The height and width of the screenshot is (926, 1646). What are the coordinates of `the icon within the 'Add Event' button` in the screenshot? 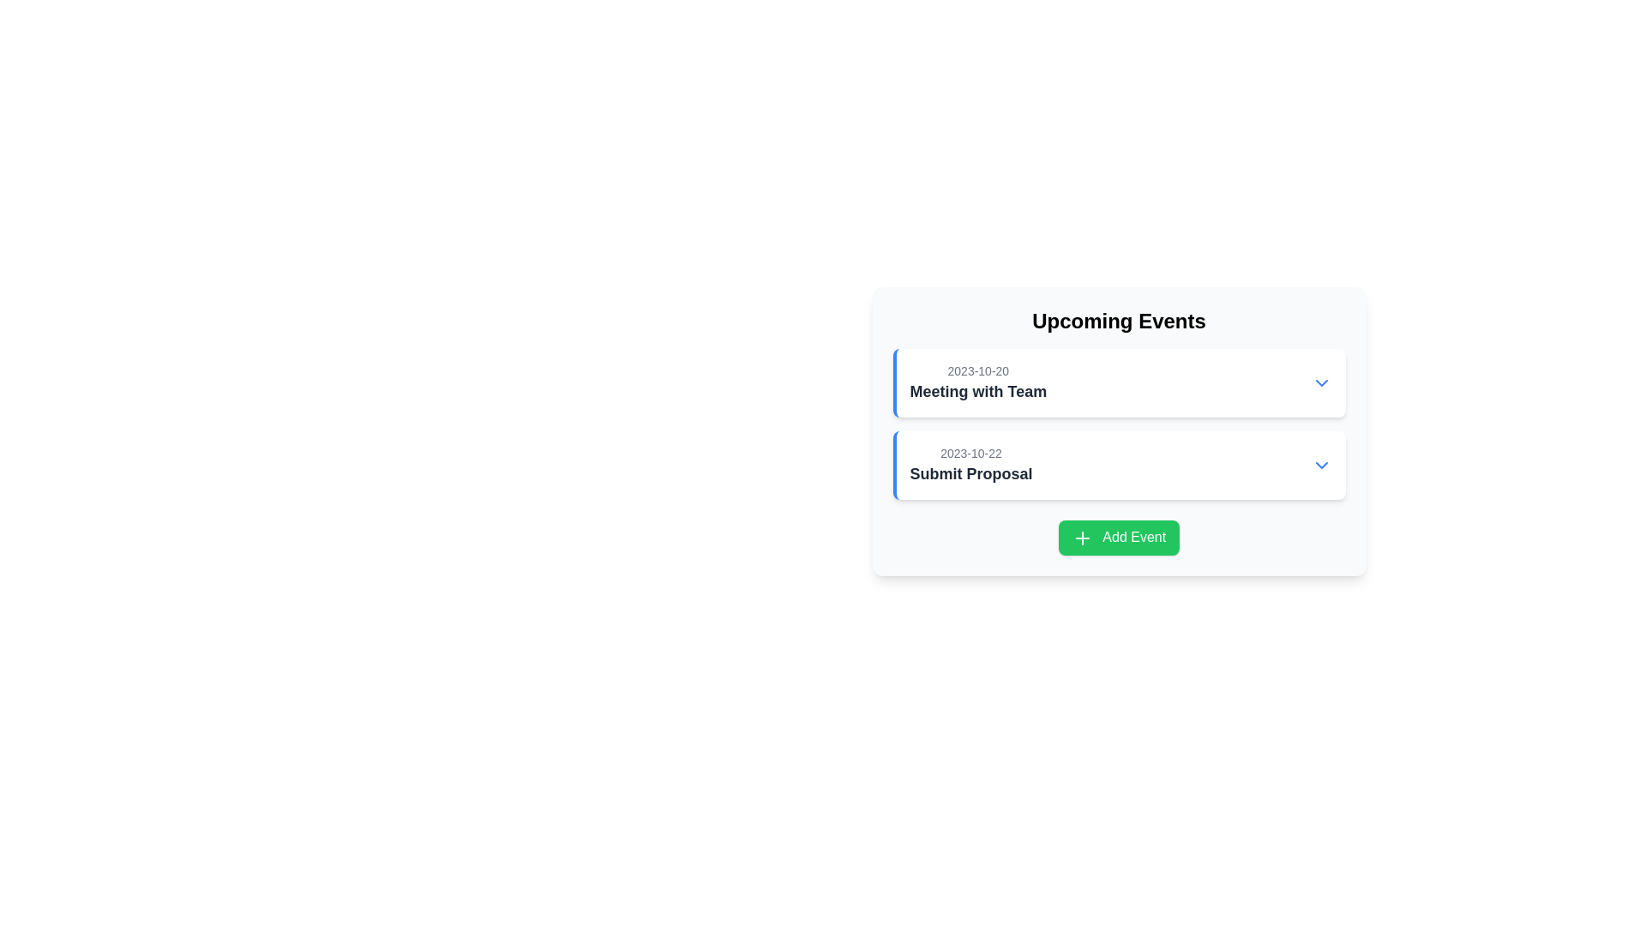 It's located at (1081, 537).